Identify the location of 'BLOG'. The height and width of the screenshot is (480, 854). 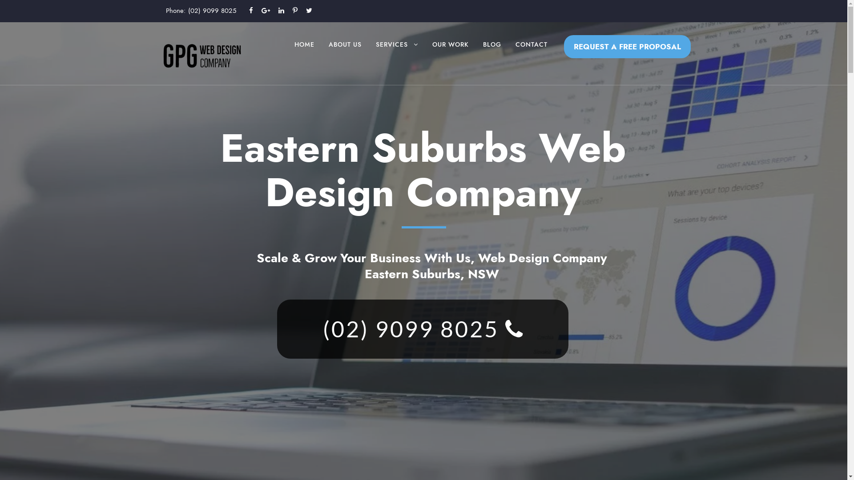
(491, 53).